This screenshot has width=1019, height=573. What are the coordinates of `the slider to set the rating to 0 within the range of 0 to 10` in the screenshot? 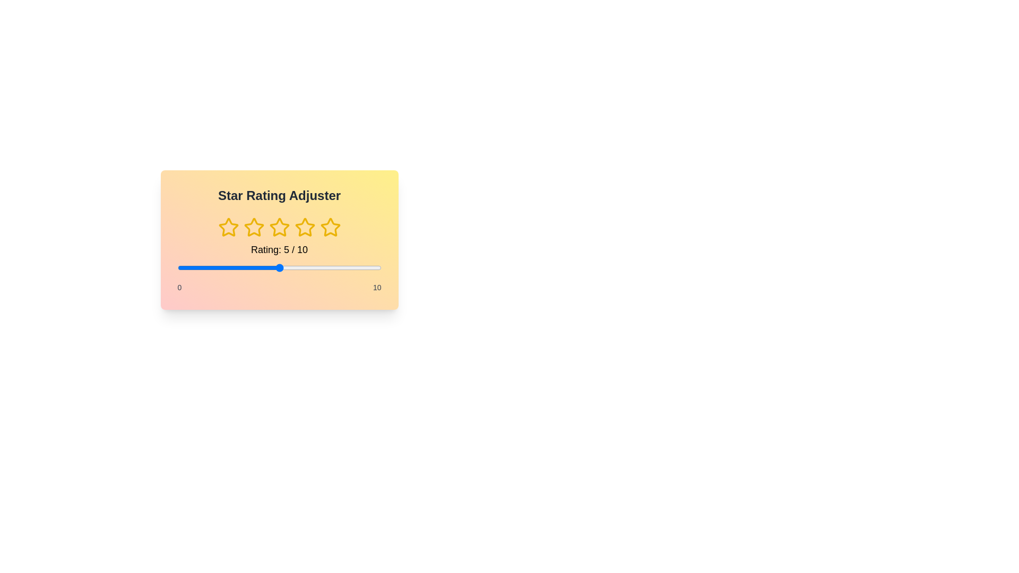 It's located at (177, 267).